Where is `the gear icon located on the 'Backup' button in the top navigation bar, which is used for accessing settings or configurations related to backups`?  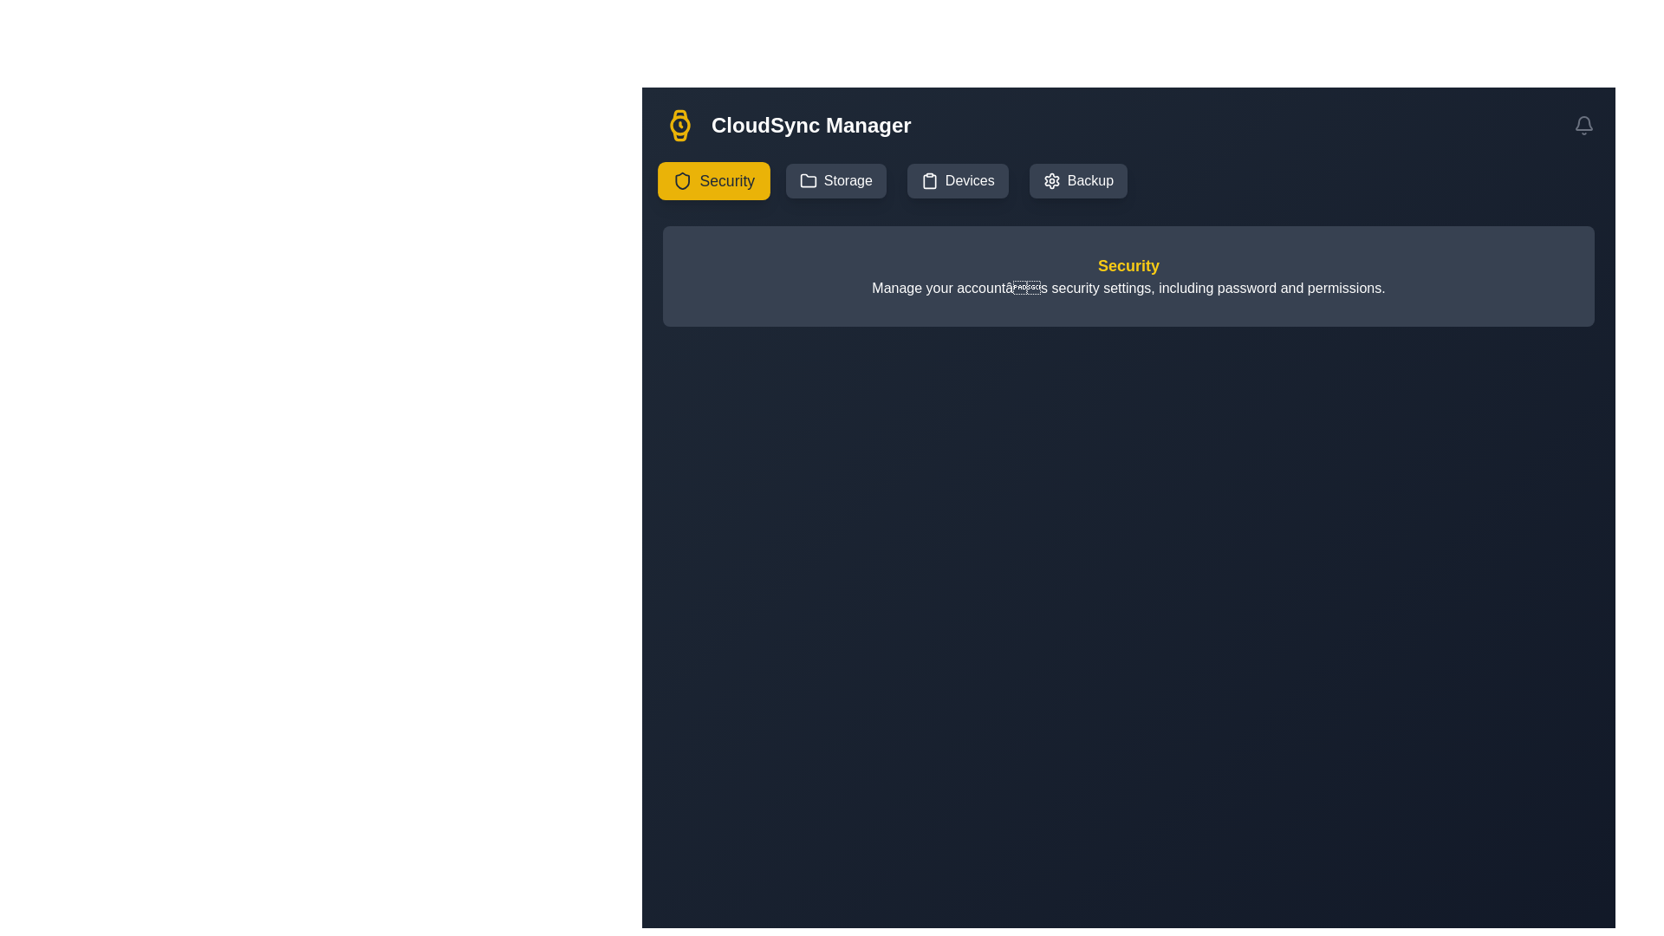 the gear icon located on the 'Backup' button in the top navigation bar, which is used for accessing settings or configurations related to backups is located at coordinates (1050, 180).